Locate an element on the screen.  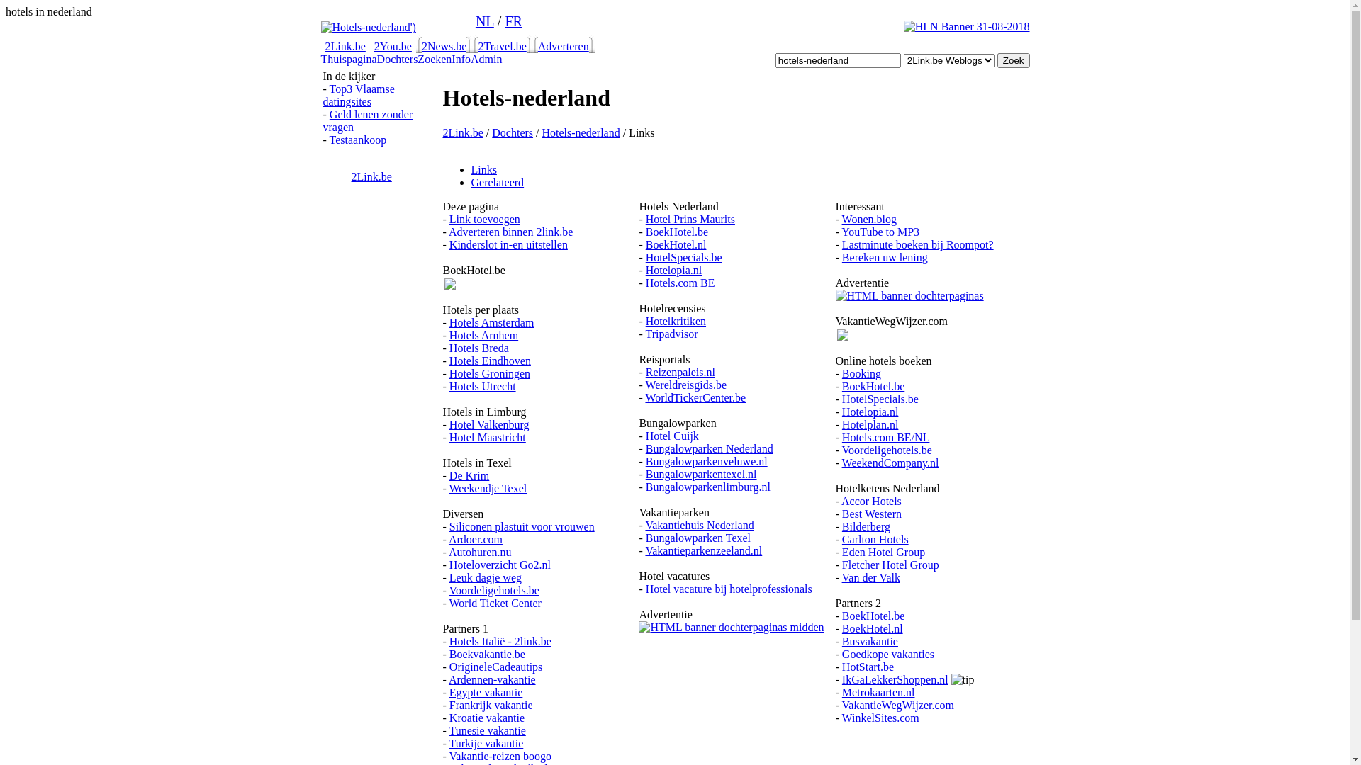
'Admin' is located at coordinates (486, 58).